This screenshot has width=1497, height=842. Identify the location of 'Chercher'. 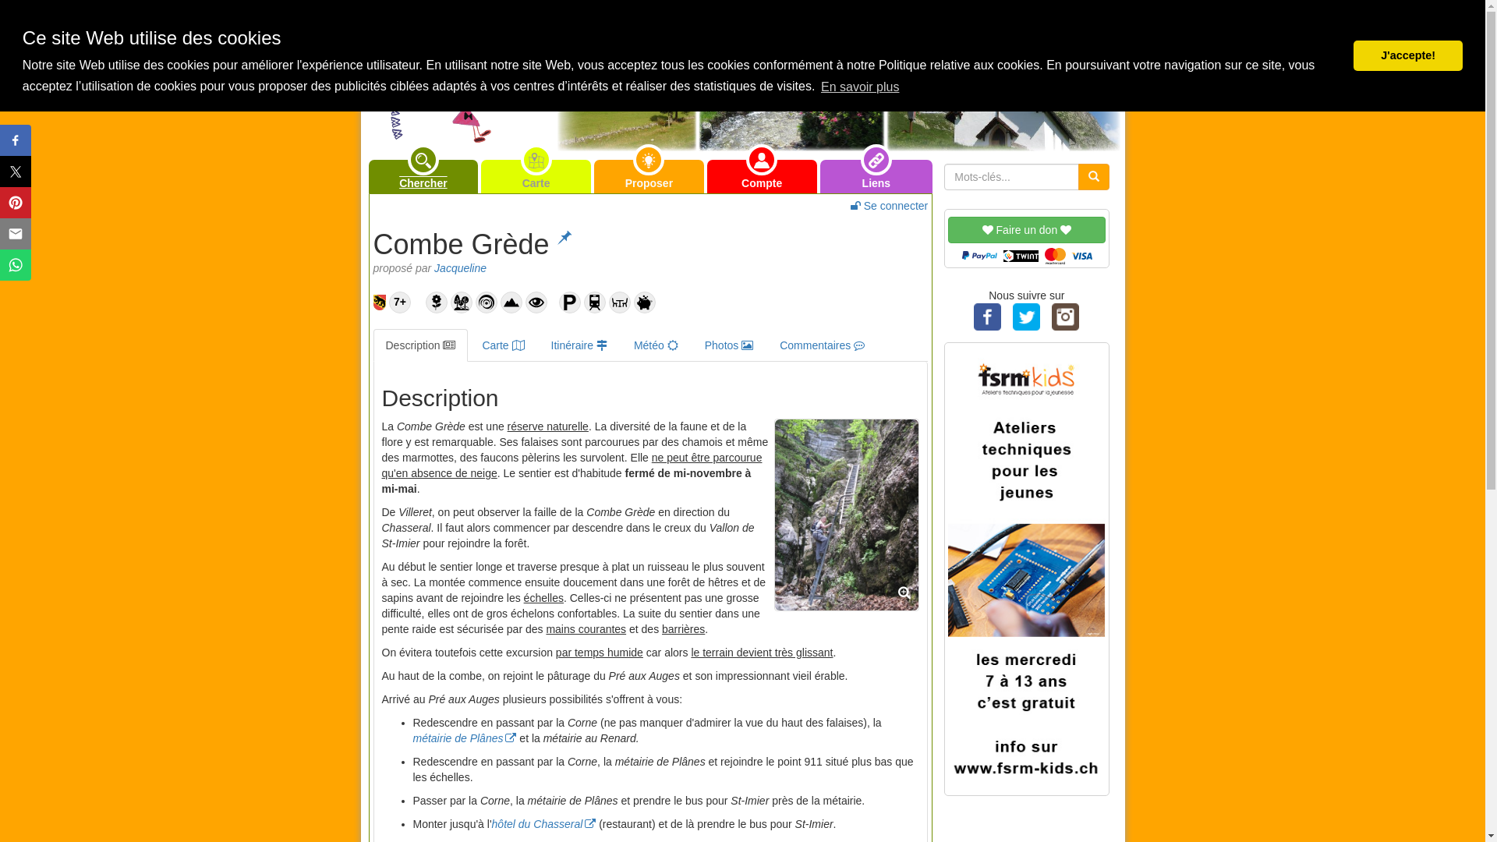
(423, 175).